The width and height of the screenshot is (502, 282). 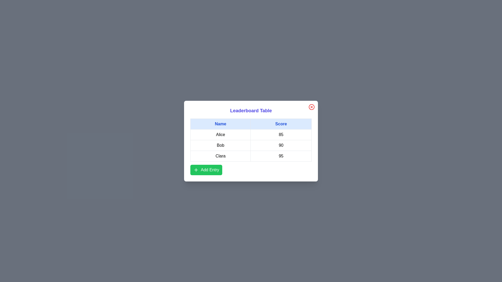 I want to click on the text in the cell containing 95, so click(x=281, y=156).